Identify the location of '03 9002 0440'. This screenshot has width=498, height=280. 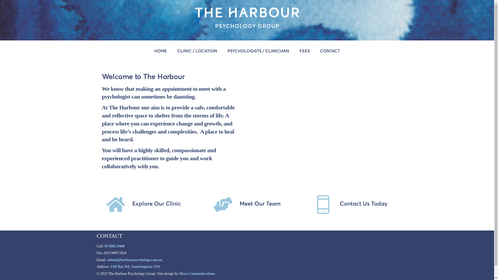
(114, 246).